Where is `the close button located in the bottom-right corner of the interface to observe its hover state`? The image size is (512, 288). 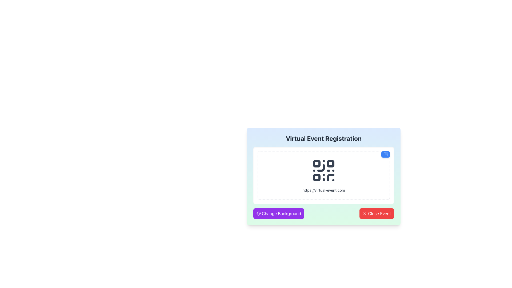 the close button located in the bottom-right corner of the interface to observe its hover state is located at coordinates (377, 213).